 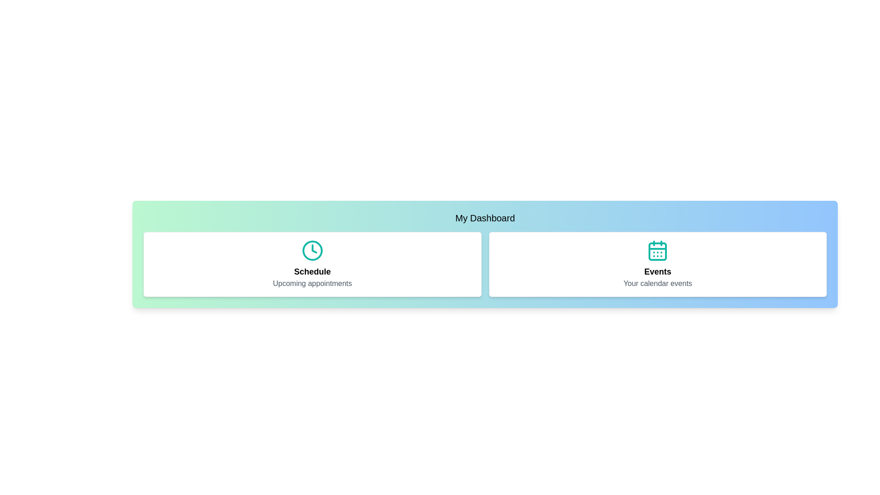 I want to click on the graphical icon fragment representing a specific day or event within the calendar icon located in the 'Events' card on the right side of the interface, so click(x=657, y=251).